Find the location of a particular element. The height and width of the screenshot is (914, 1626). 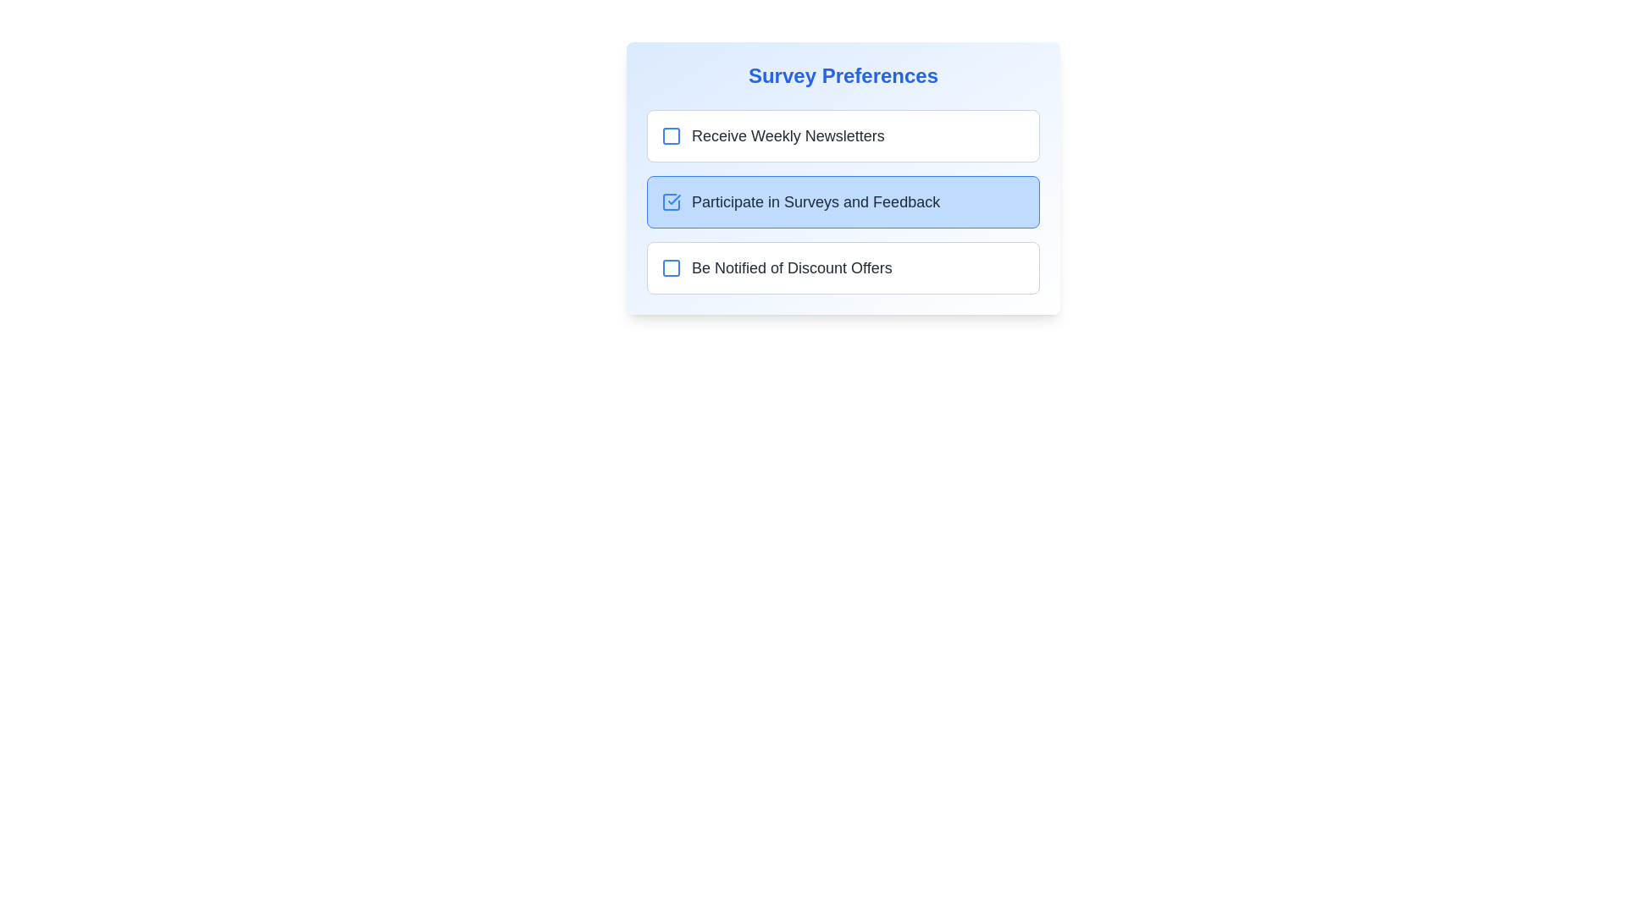

the selectable option card with a checkbox for survey participation preference located in the 'Survey Preferences' section, which is the second item in the list is located at coordinates (843, 201).